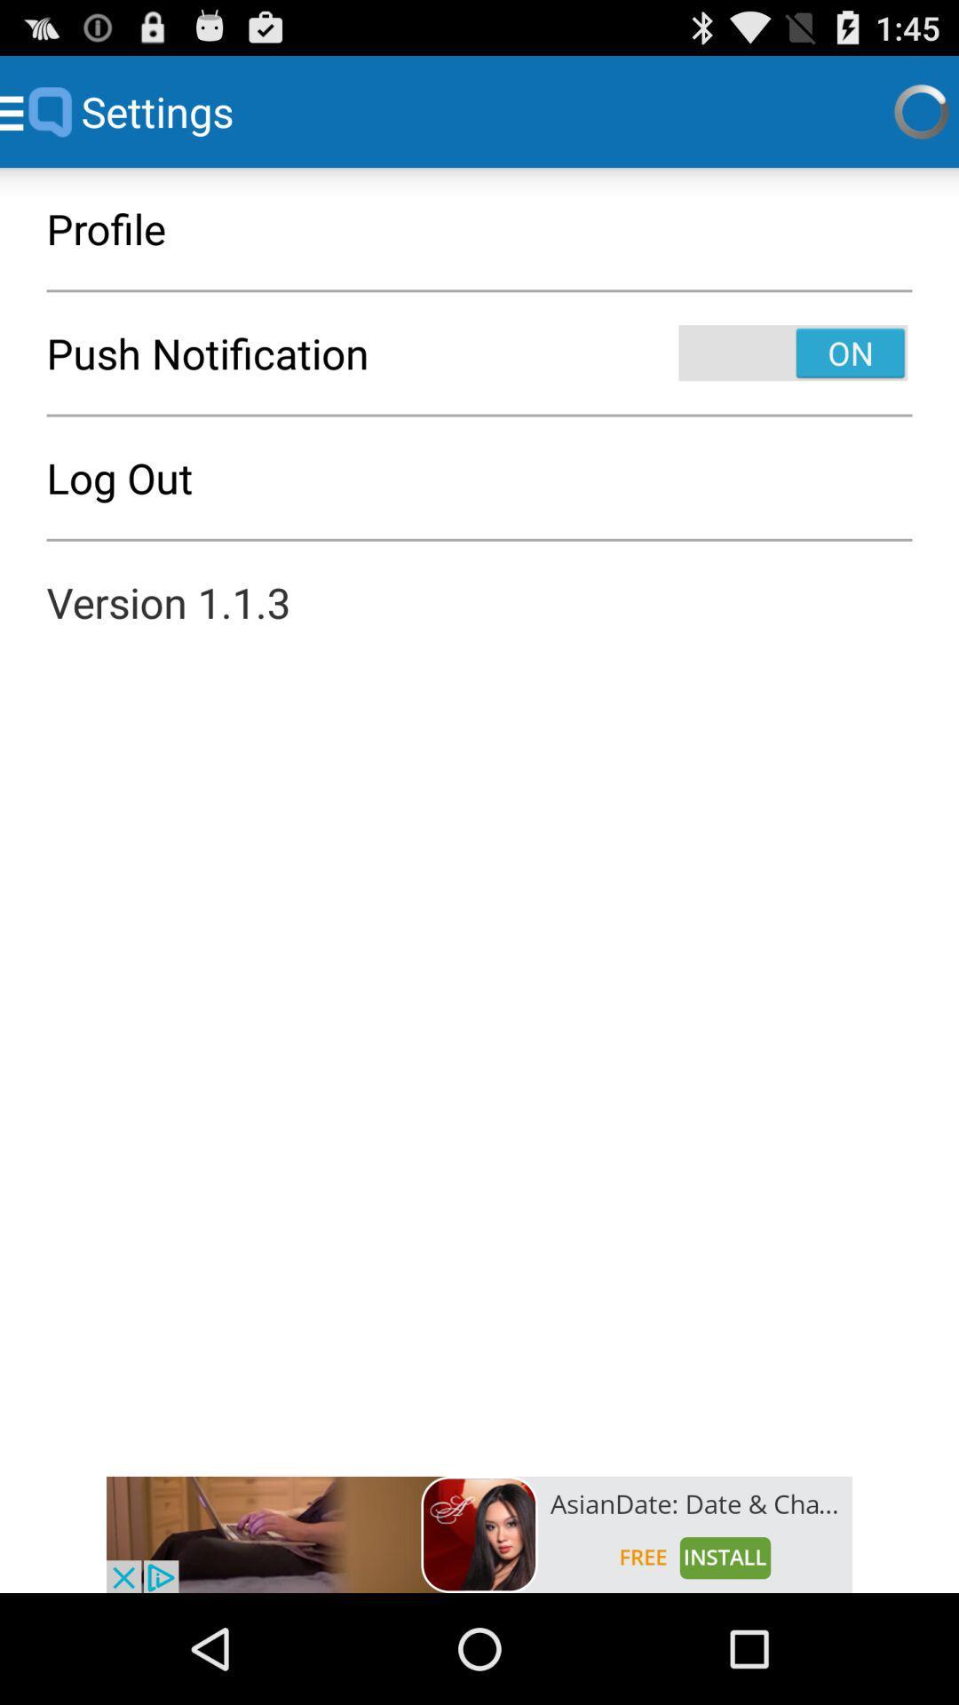  Describe the element at coordinates (479, 1534) in the screenshot. I see `advertisement` at that location.